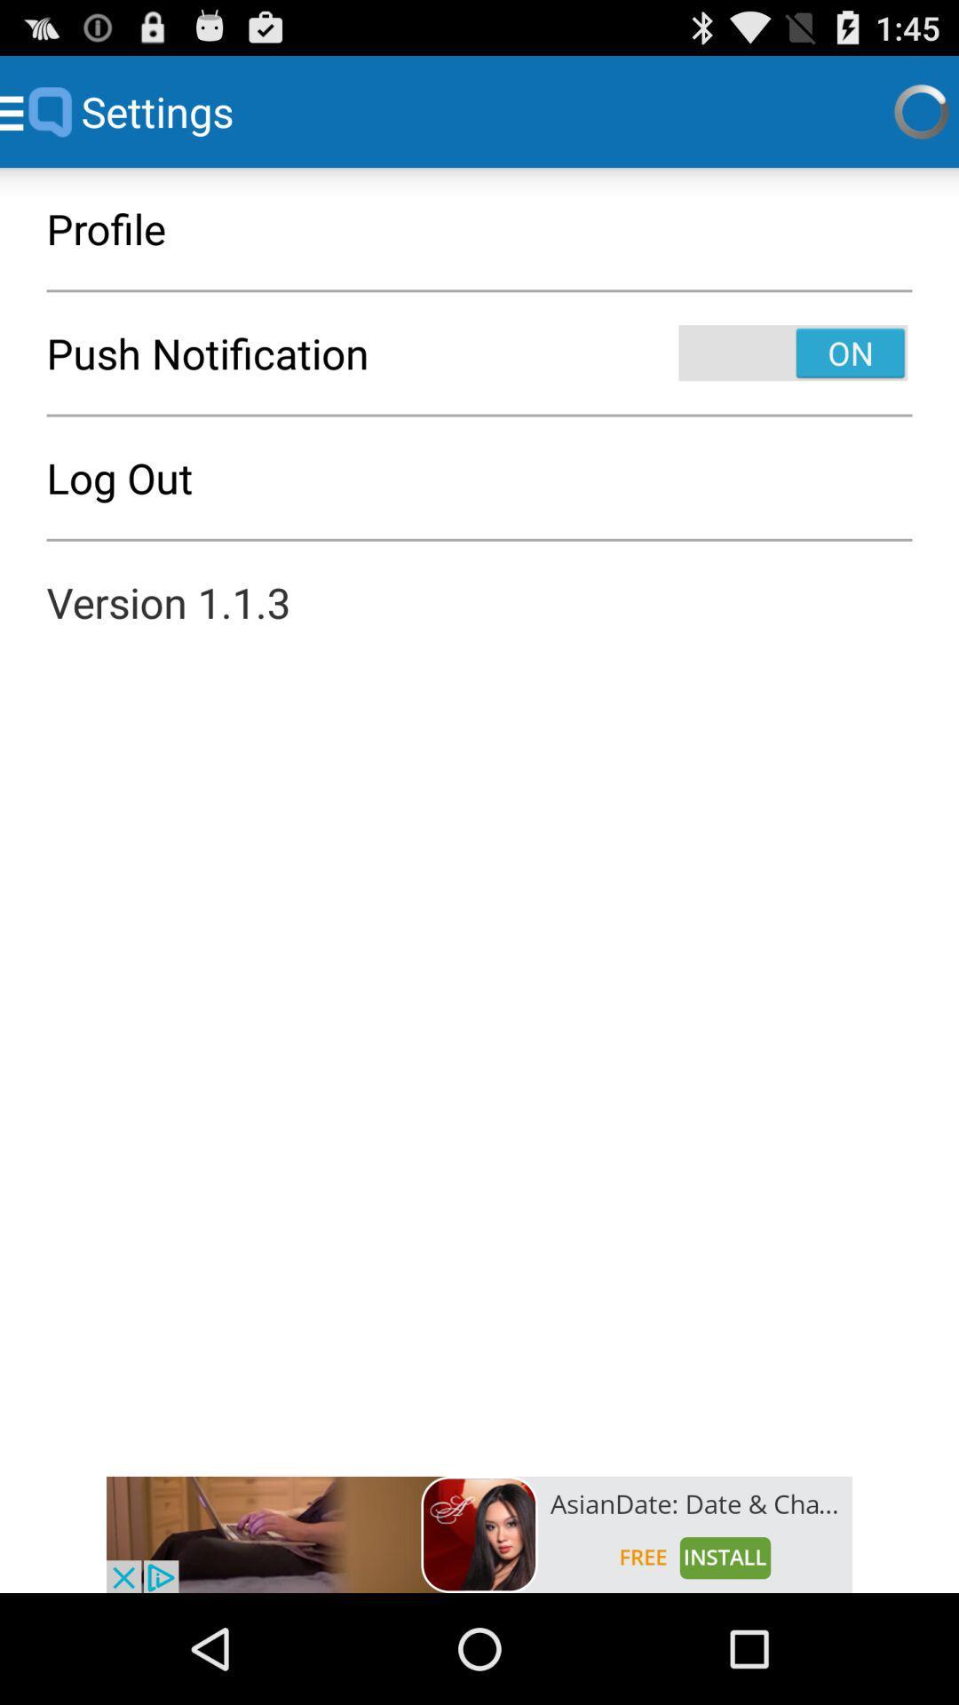  Describe the element at coordinates (479, 1534) in the screenshot. I see `advertisement` at that location.